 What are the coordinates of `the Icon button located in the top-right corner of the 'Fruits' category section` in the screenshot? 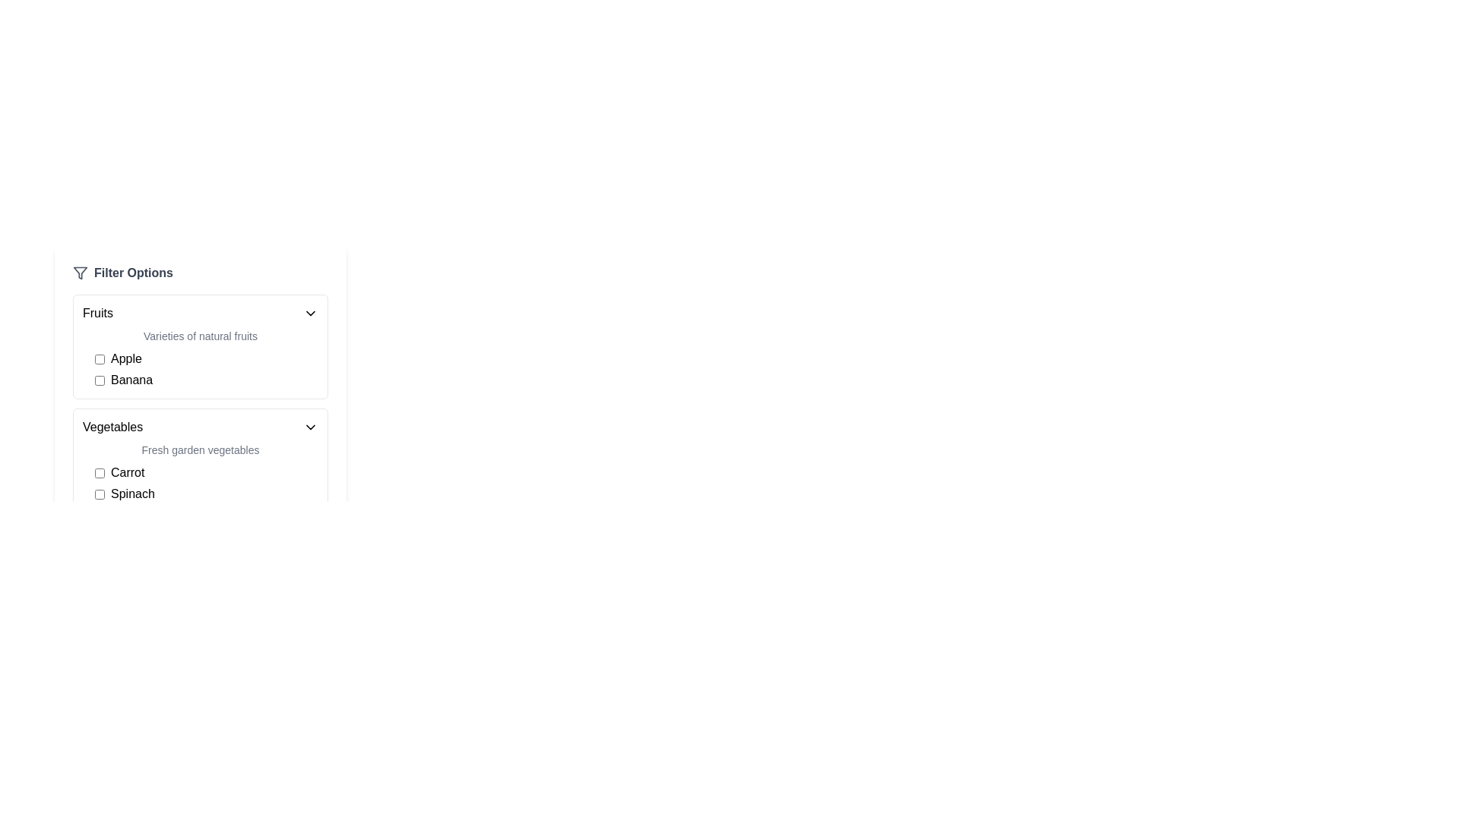 It's located at (309, 312).